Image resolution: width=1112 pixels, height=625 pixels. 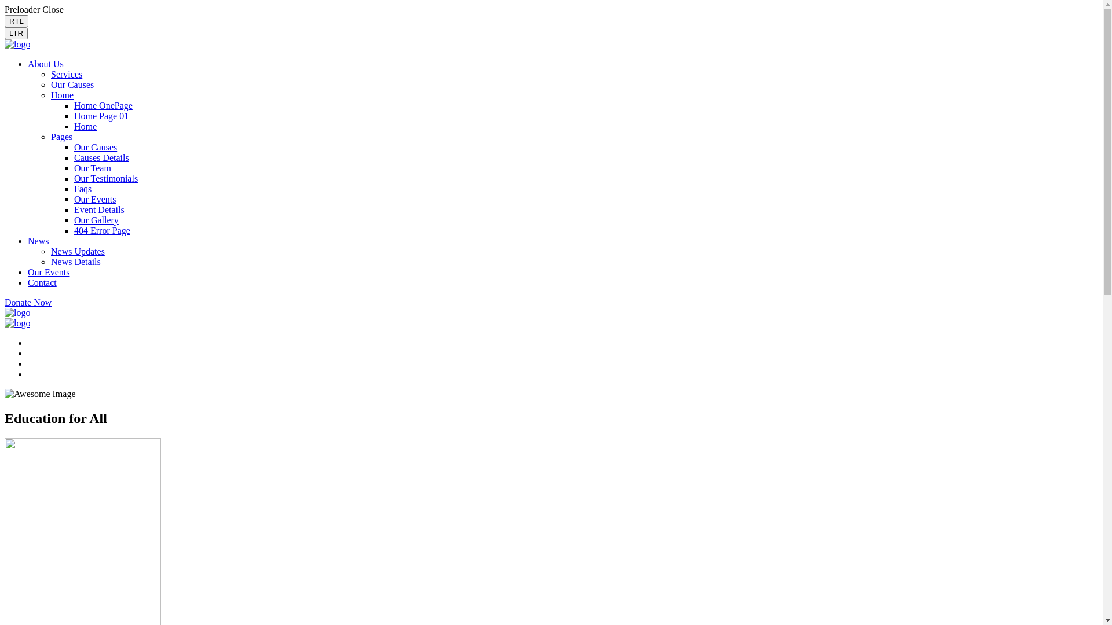 What do you see at coordinates (50, 262) in the screenshot?
I see `'News Details'` at bounding box center [50, 262].